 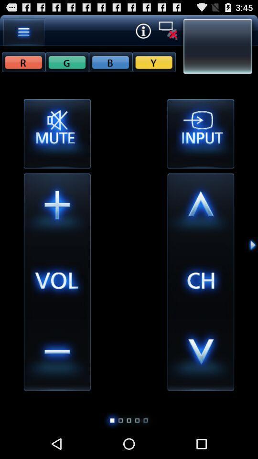 I want to click on the facebook icon, so click(x=66, y=66).